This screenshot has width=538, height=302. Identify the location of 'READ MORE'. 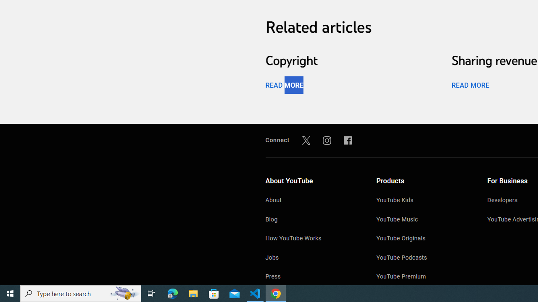
(470, 85).